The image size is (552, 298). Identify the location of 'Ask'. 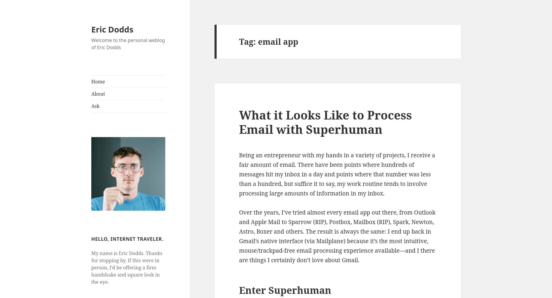
(95, 106).